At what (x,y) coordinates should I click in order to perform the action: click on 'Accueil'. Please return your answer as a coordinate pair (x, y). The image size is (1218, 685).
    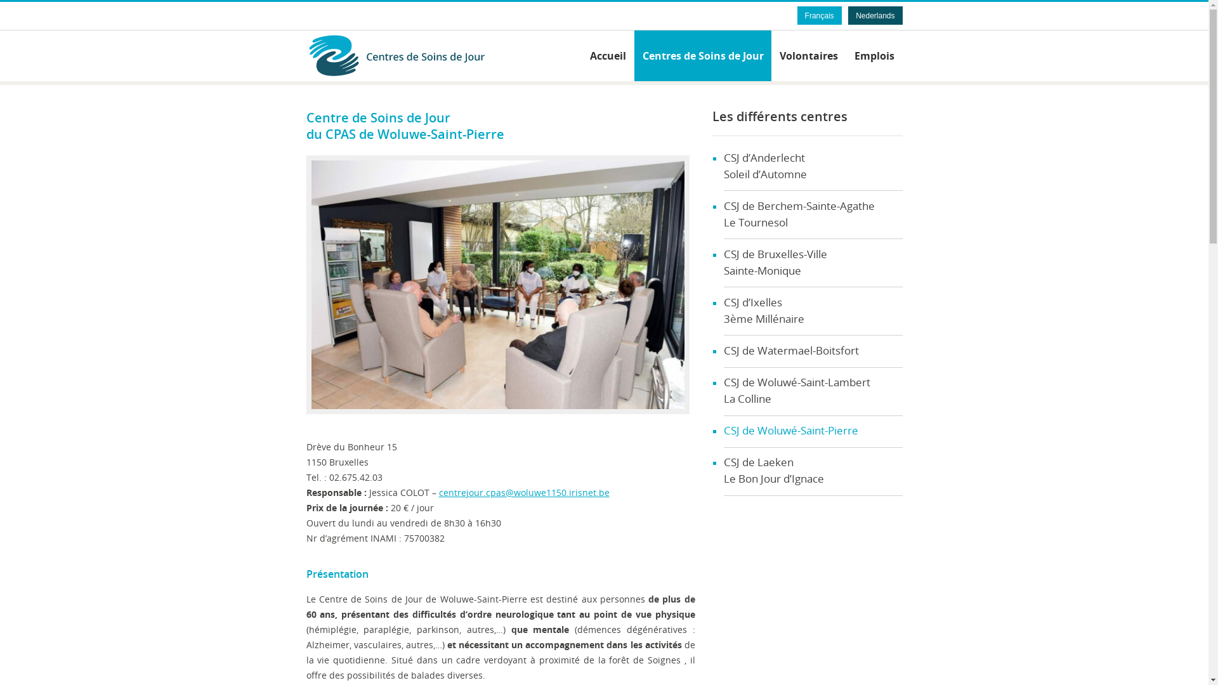
    Looking at the image, I should click on (607, 55).